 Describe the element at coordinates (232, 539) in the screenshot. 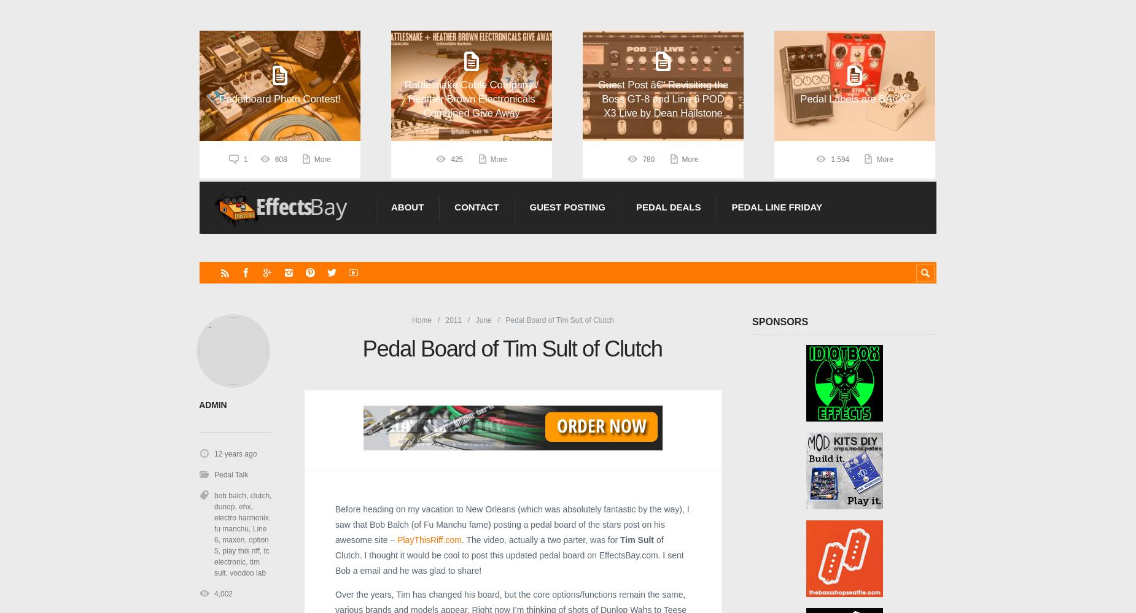

I see `'maxon'` at that location.